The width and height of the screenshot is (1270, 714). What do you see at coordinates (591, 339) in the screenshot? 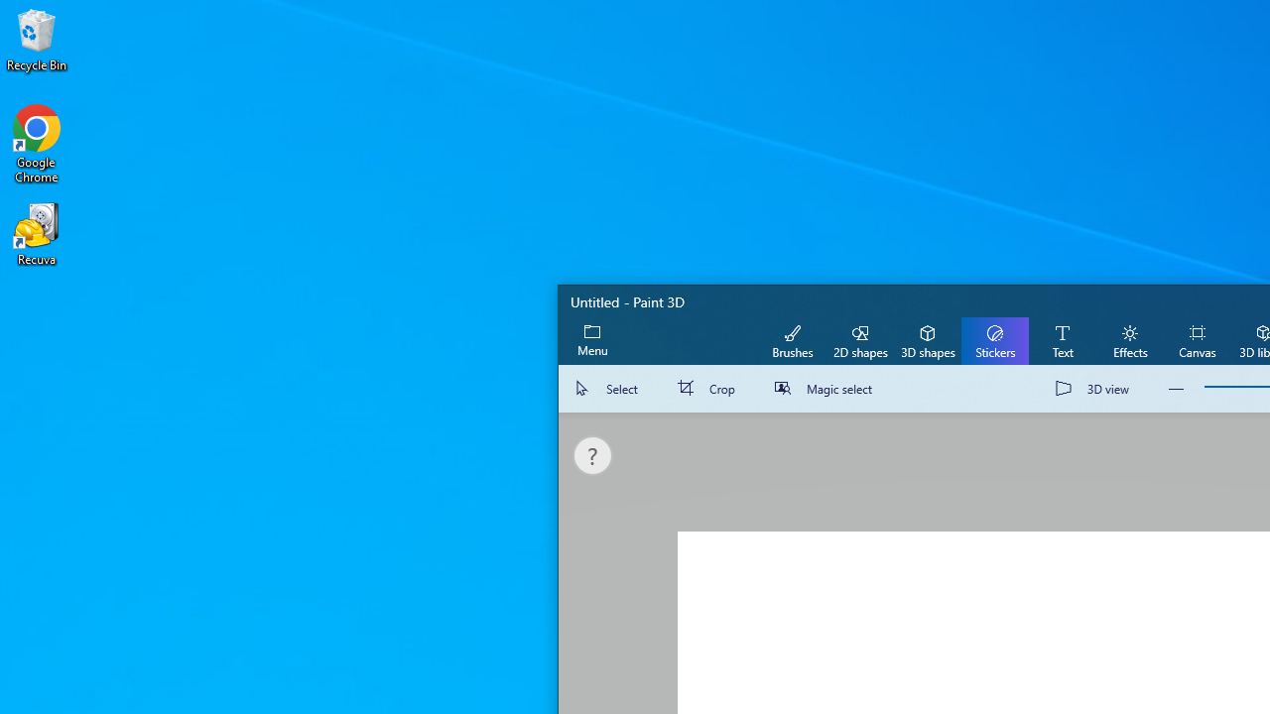
I see `'Expand menu'` at bounding box center [591, 339].